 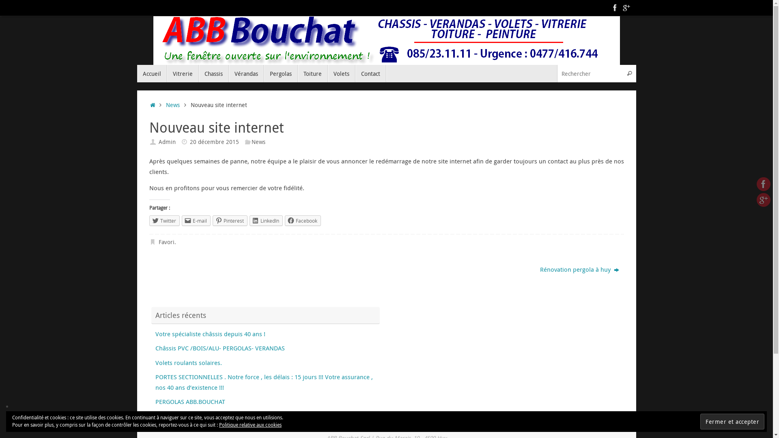 What do you see at coordinates (265, 220) in the screenshot?
I see `'LinkedIn'` at bounding box center [265, 220].